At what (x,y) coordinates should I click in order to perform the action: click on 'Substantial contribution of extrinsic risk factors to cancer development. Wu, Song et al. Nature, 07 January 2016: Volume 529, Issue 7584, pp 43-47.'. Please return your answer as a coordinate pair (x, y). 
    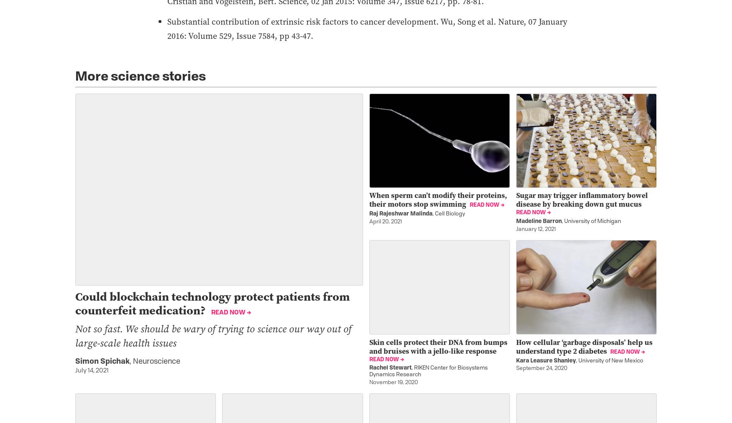
    Looking at the image, I should click on (167, 28).